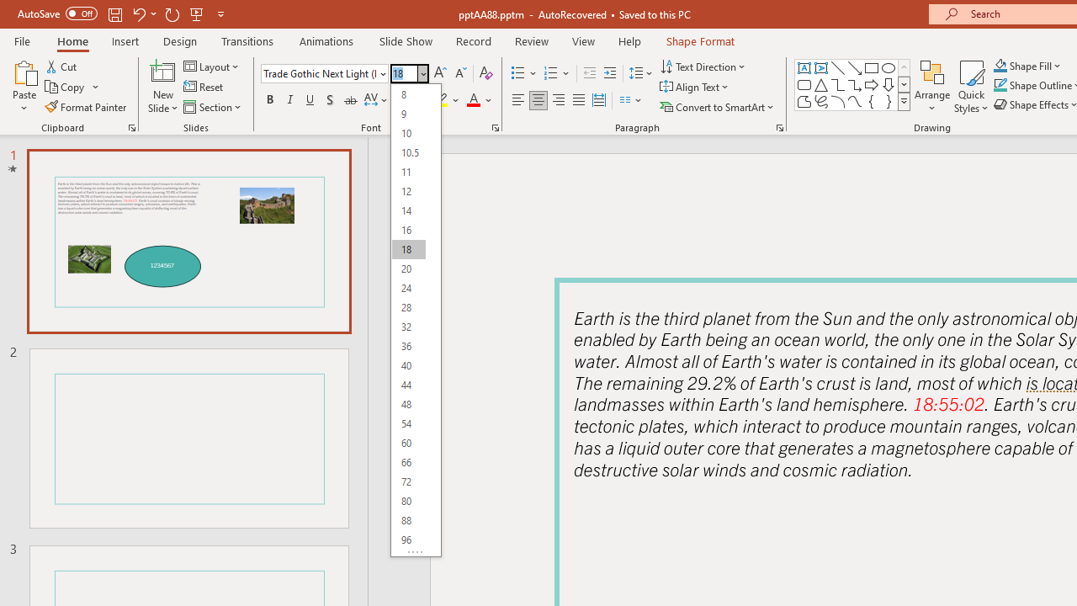 The height and width of the screenshot is (606, 1077). What do you see at coordinates (408, 481) in the screenshot?
I see `'72'` at bounding box center [408, 481].